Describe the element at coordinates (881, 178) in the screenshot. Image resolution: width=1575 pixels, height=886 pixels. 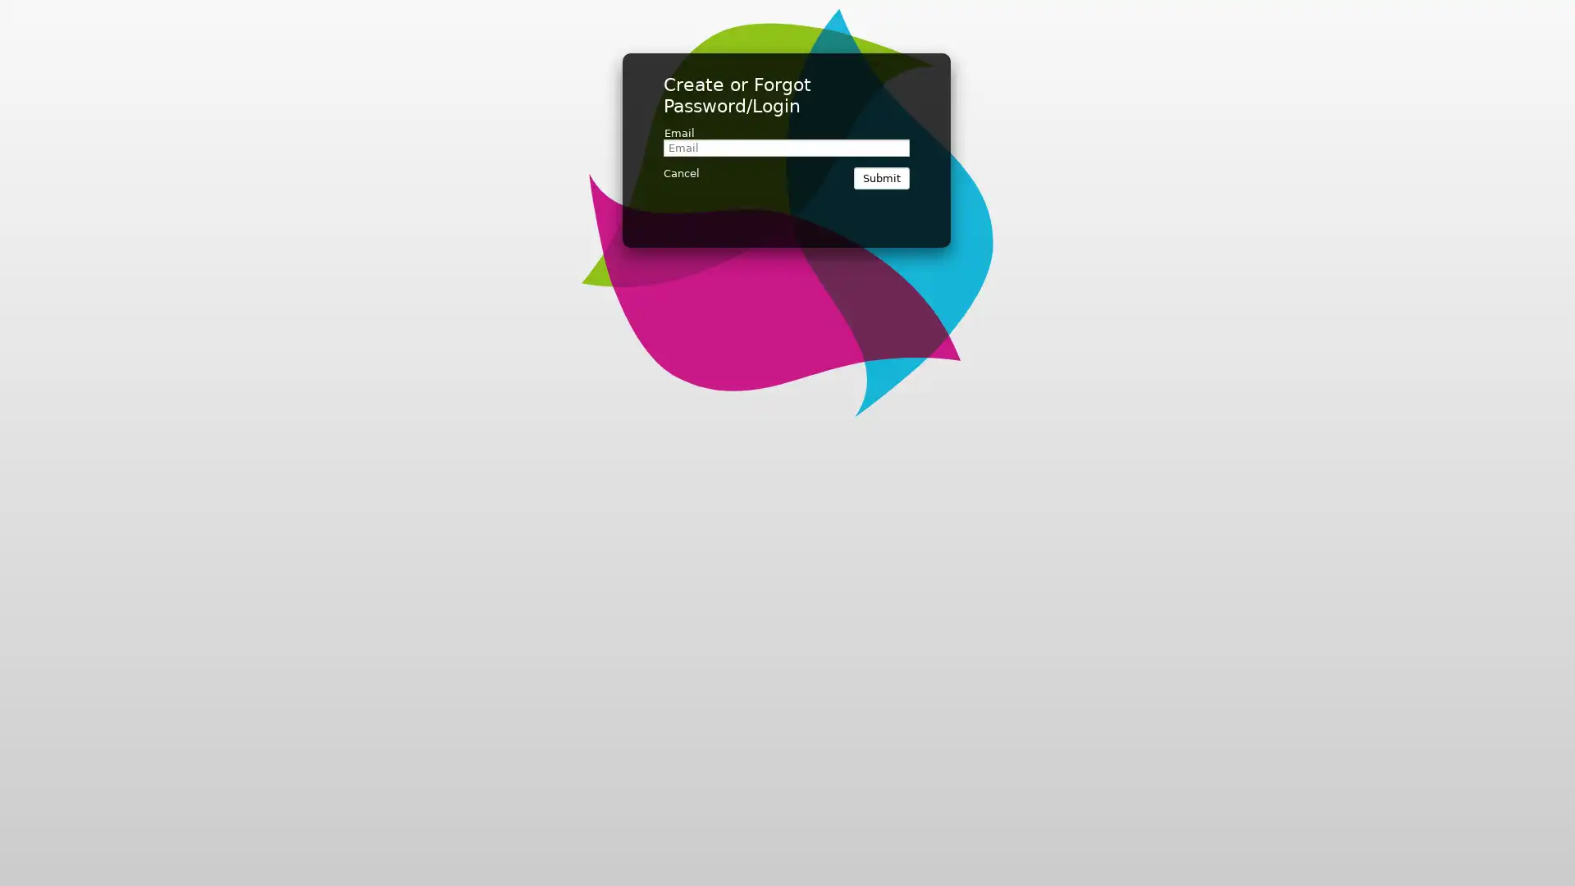
I see `Submit` at that location.